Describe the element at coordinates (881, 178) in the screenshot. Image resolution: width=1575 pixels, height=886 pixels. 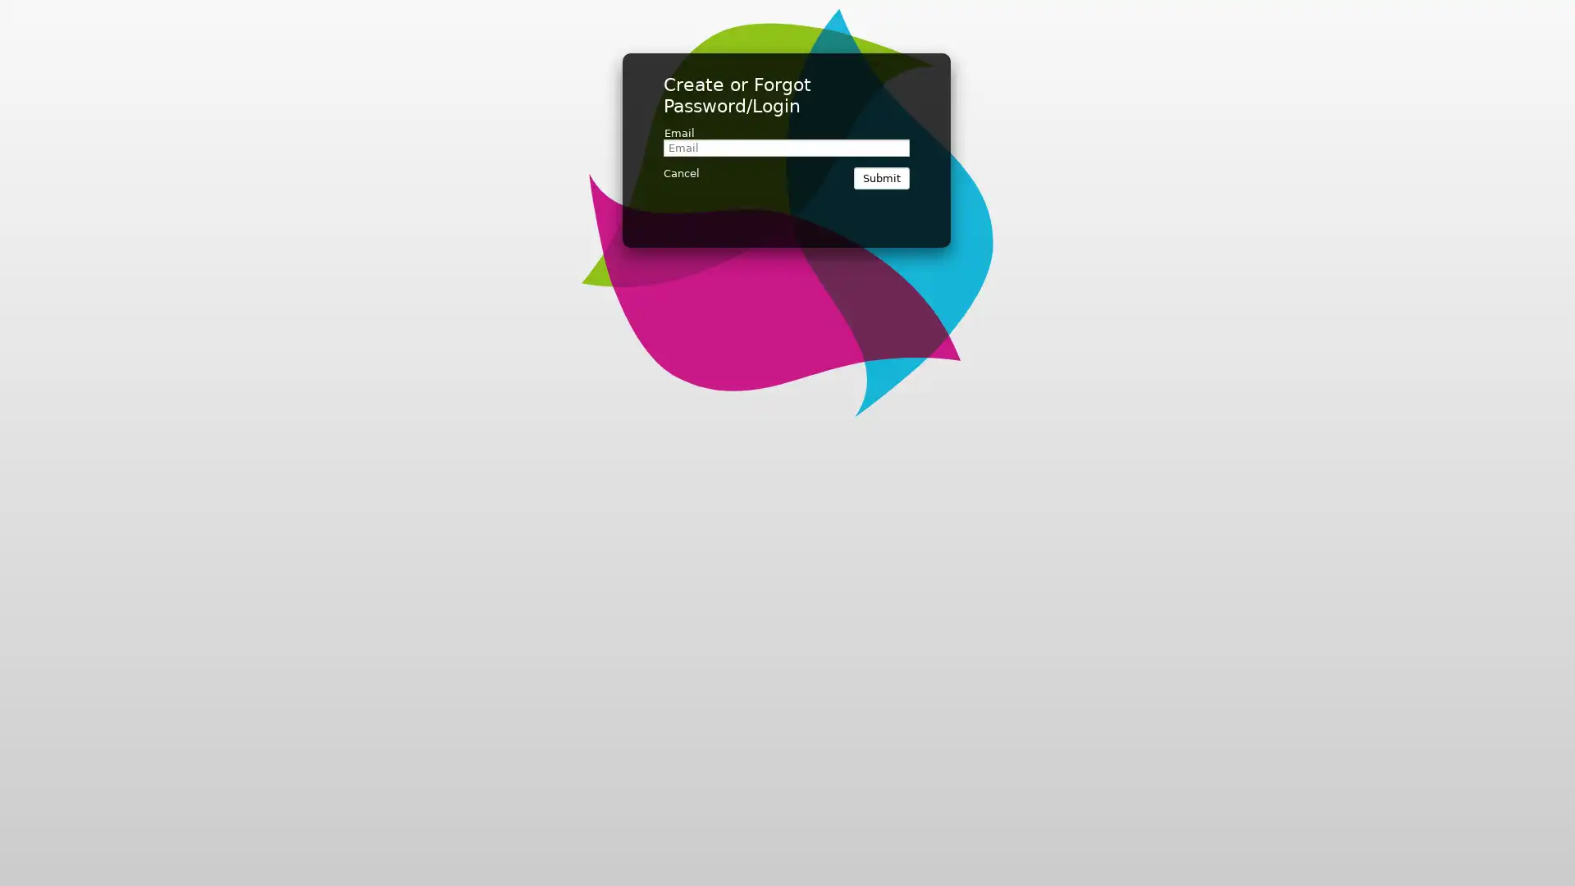
I see `Submit` at that location.